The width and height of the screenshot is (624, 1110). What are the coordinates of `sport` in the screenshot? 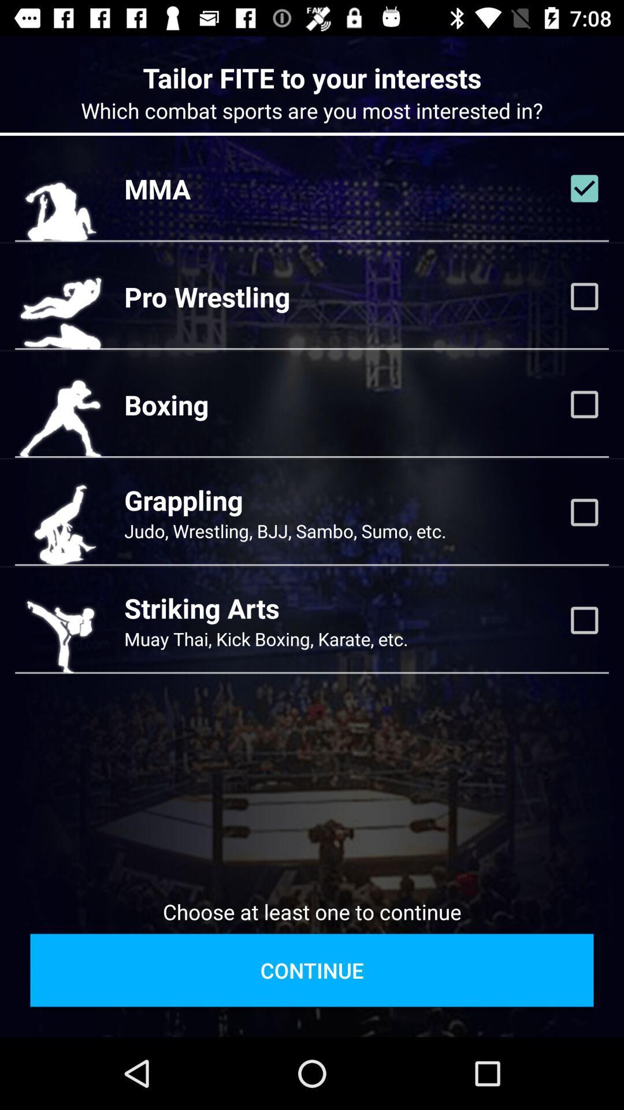 It's located at (584, 188).